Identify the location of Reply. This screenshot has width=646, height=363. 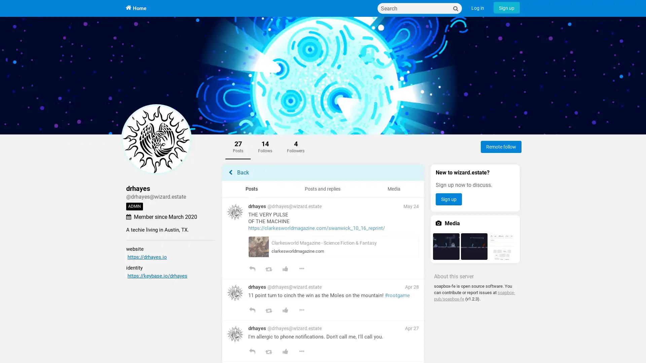
(252, 352).